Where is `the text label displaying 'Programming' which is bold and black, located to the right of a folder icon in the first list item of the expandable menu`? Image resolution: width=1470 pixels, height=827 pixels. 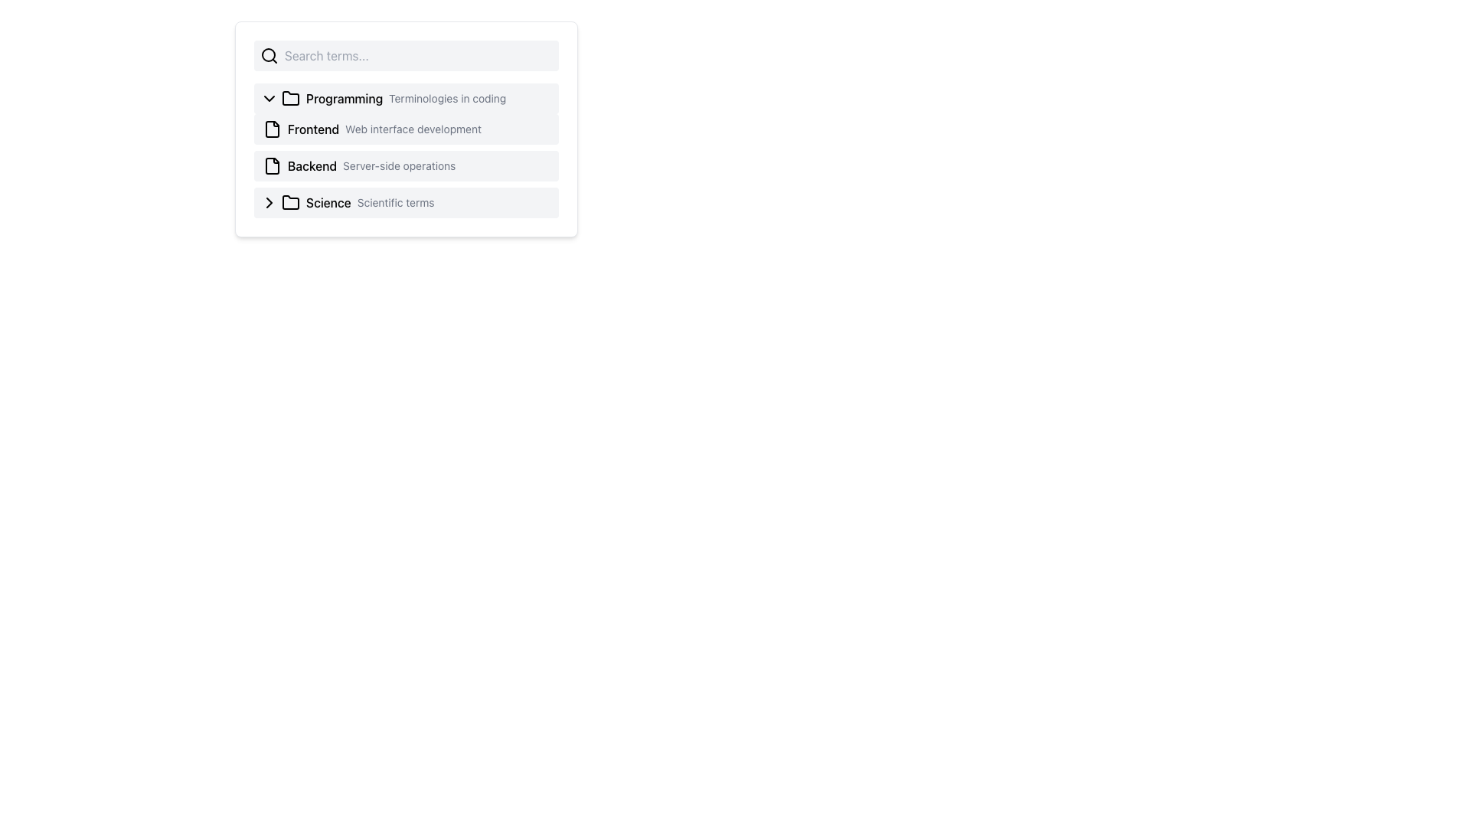 the text label displaying 'Programming' which is bold and black, located to the right of a folder icon in the first list item of the expandable menu is located at coordinates (344, 98).